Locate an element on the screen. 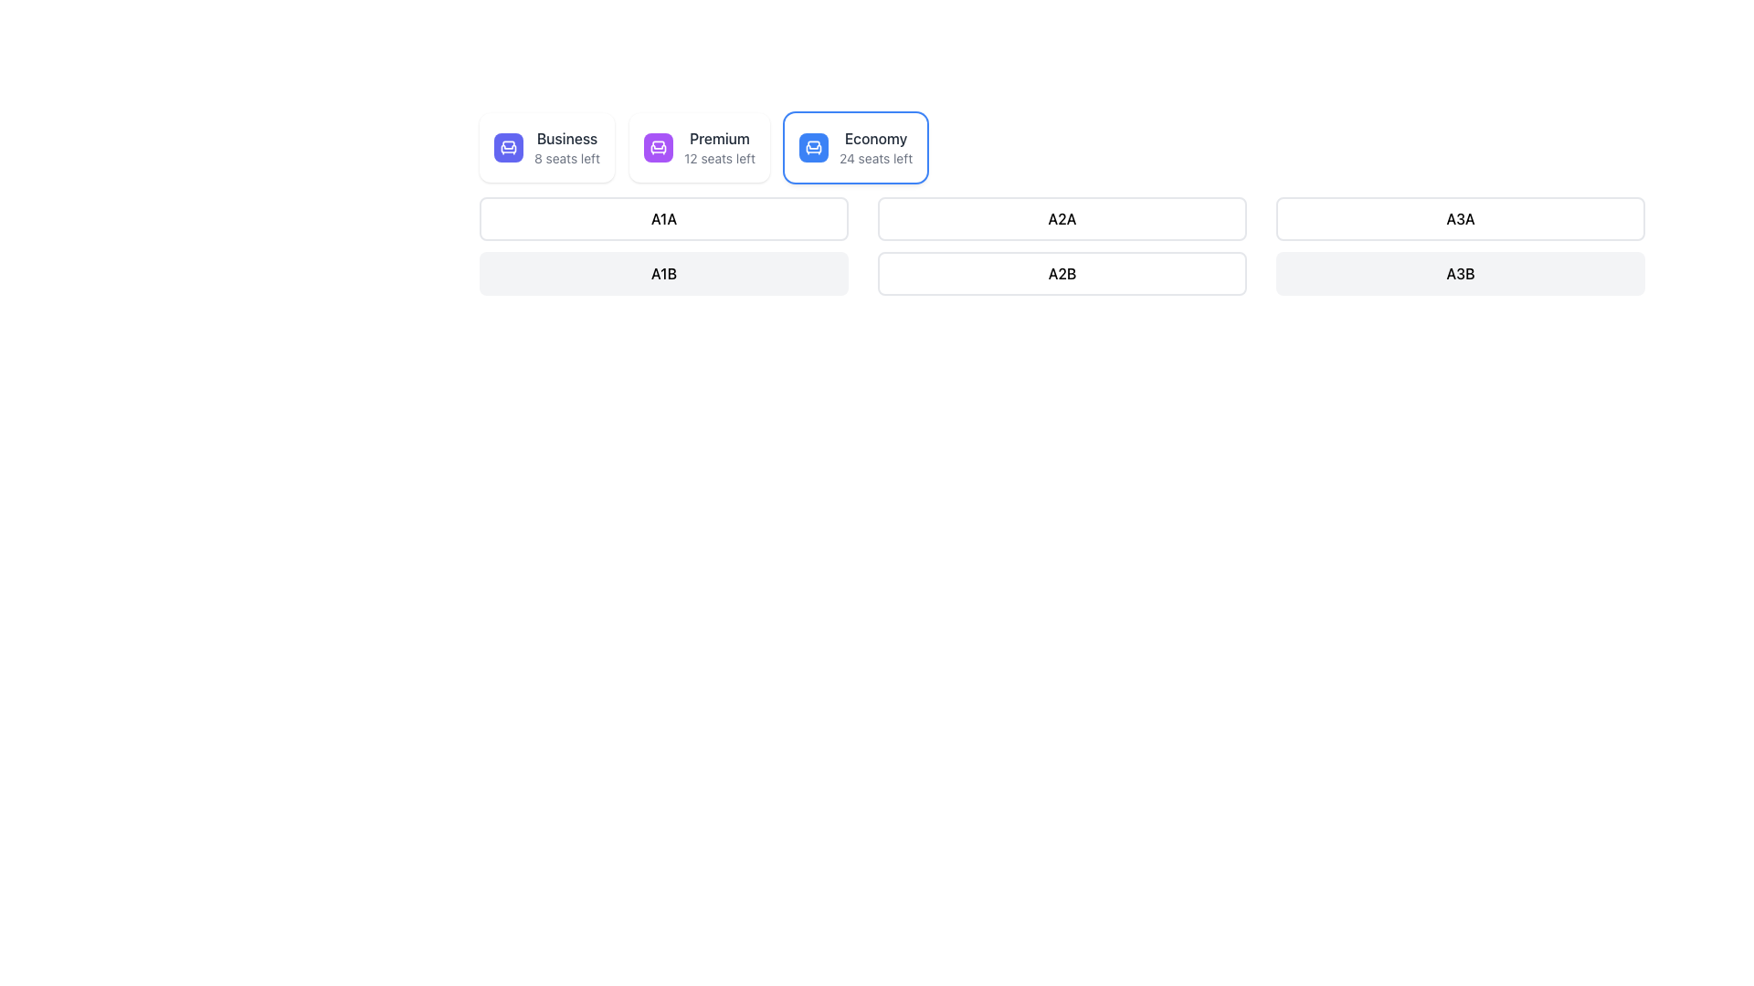 The width and height of the screenshot is (1754, 986). the informational indicator labeled 'Business' with an armchair icon is located at coordinates (546, 147).